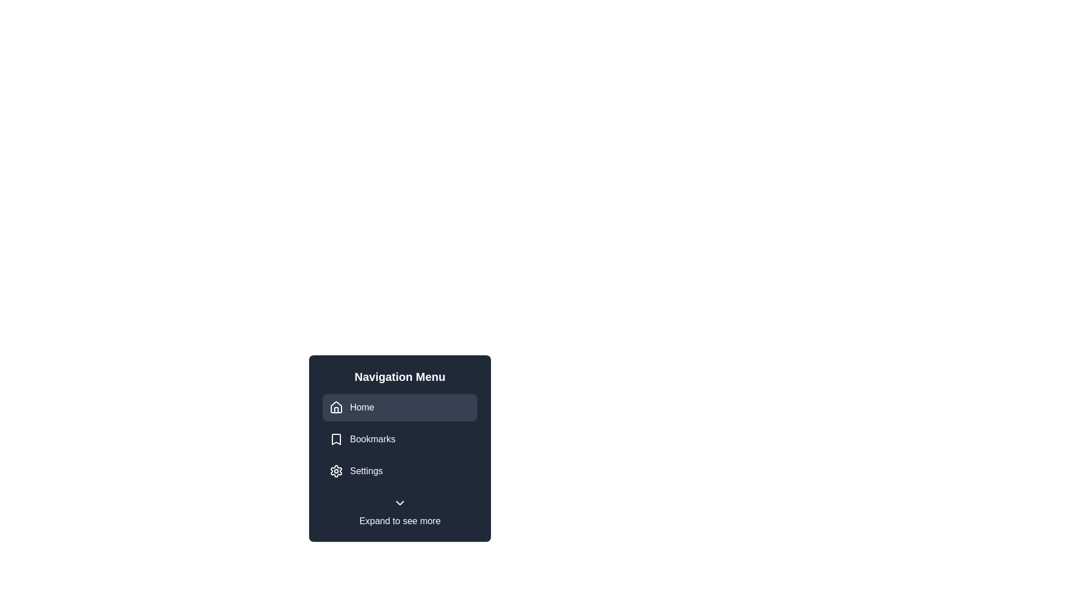 The image size is (1091, 614). I want to click on the settings icon, which is visually located to the left of the 'Settings' text in the navigation menu, representing access to settings or configuration options, so click(335, 471).